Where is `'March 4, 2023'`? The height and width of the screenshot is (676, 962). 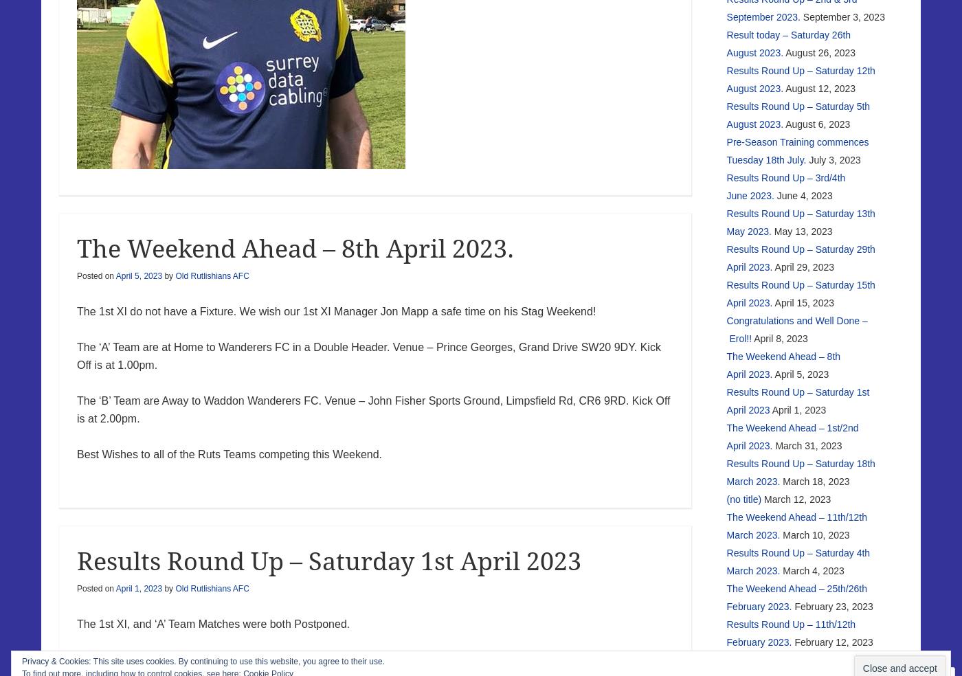
'March 4, 2023' is located at coordinates (813, 570).